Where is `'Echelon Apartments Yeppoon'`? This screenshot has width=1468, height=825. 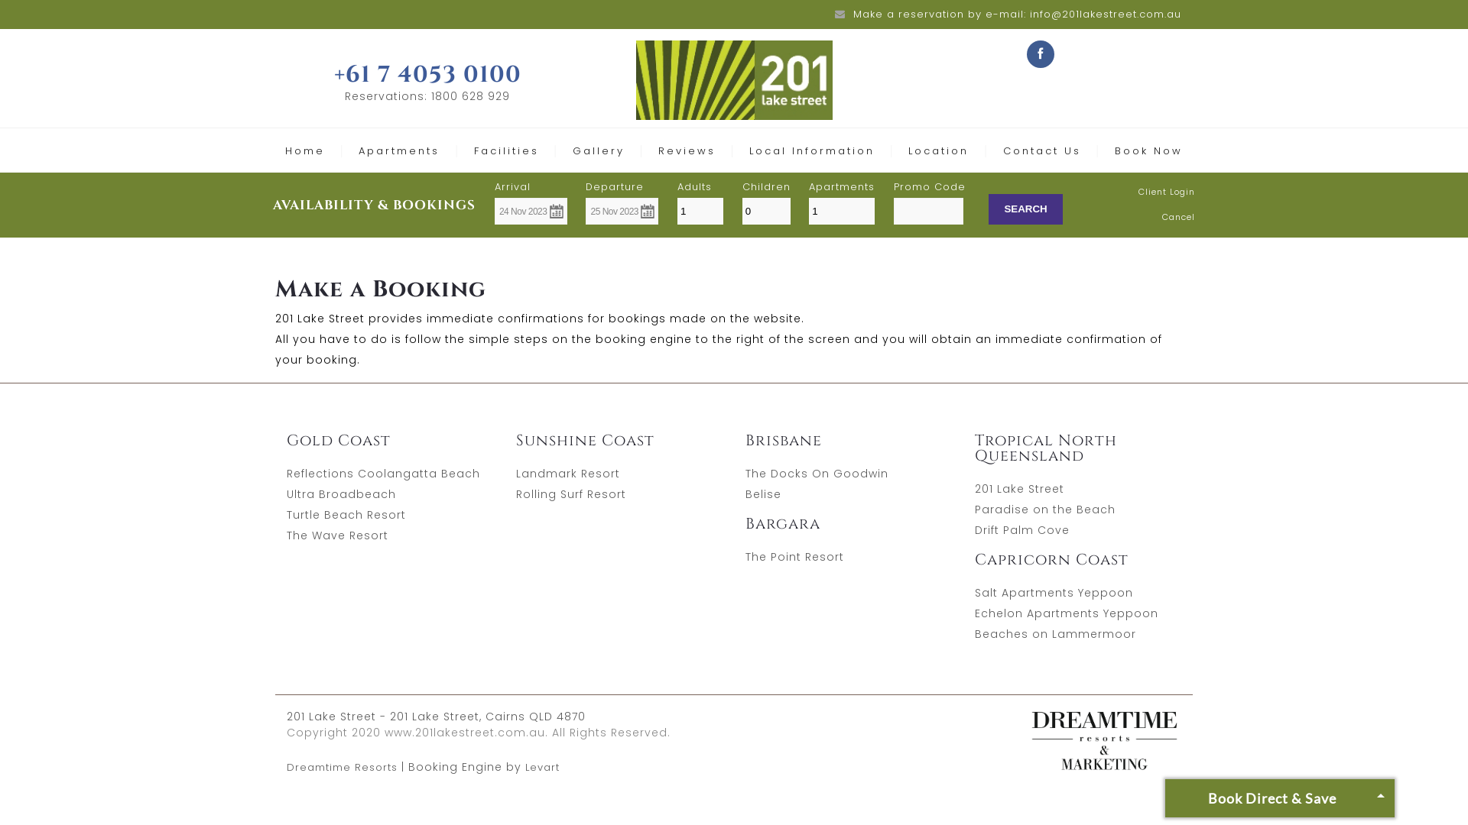
'Echelon Apartments Yeppoon' is located at coordinates (974, 612).